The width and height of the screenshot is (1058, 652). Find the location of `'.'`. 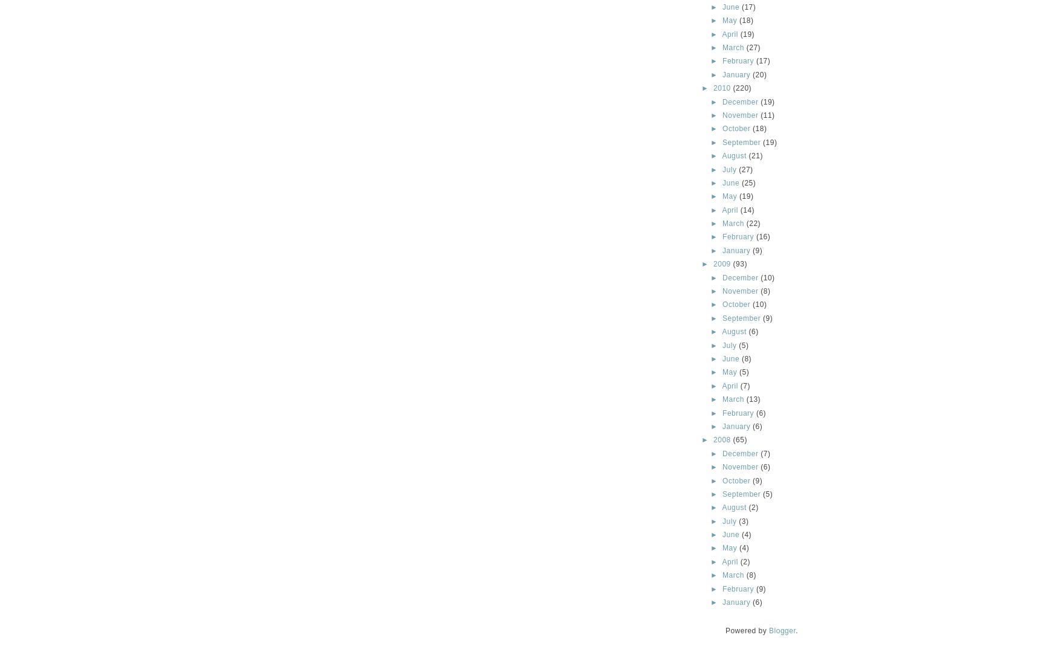

'.' is located at coordinates (796, 630).